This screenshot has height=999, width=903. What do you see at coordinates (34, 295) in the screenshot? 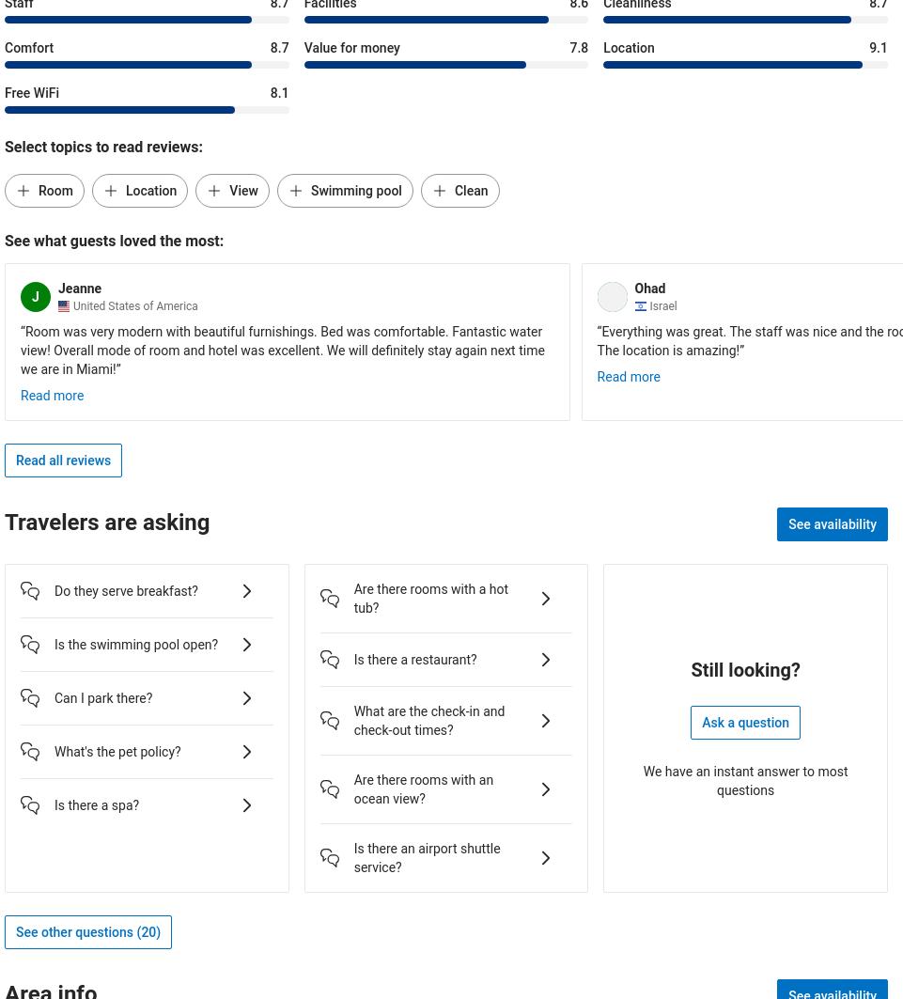
I see `'J'` at bounding box center [34, 295].